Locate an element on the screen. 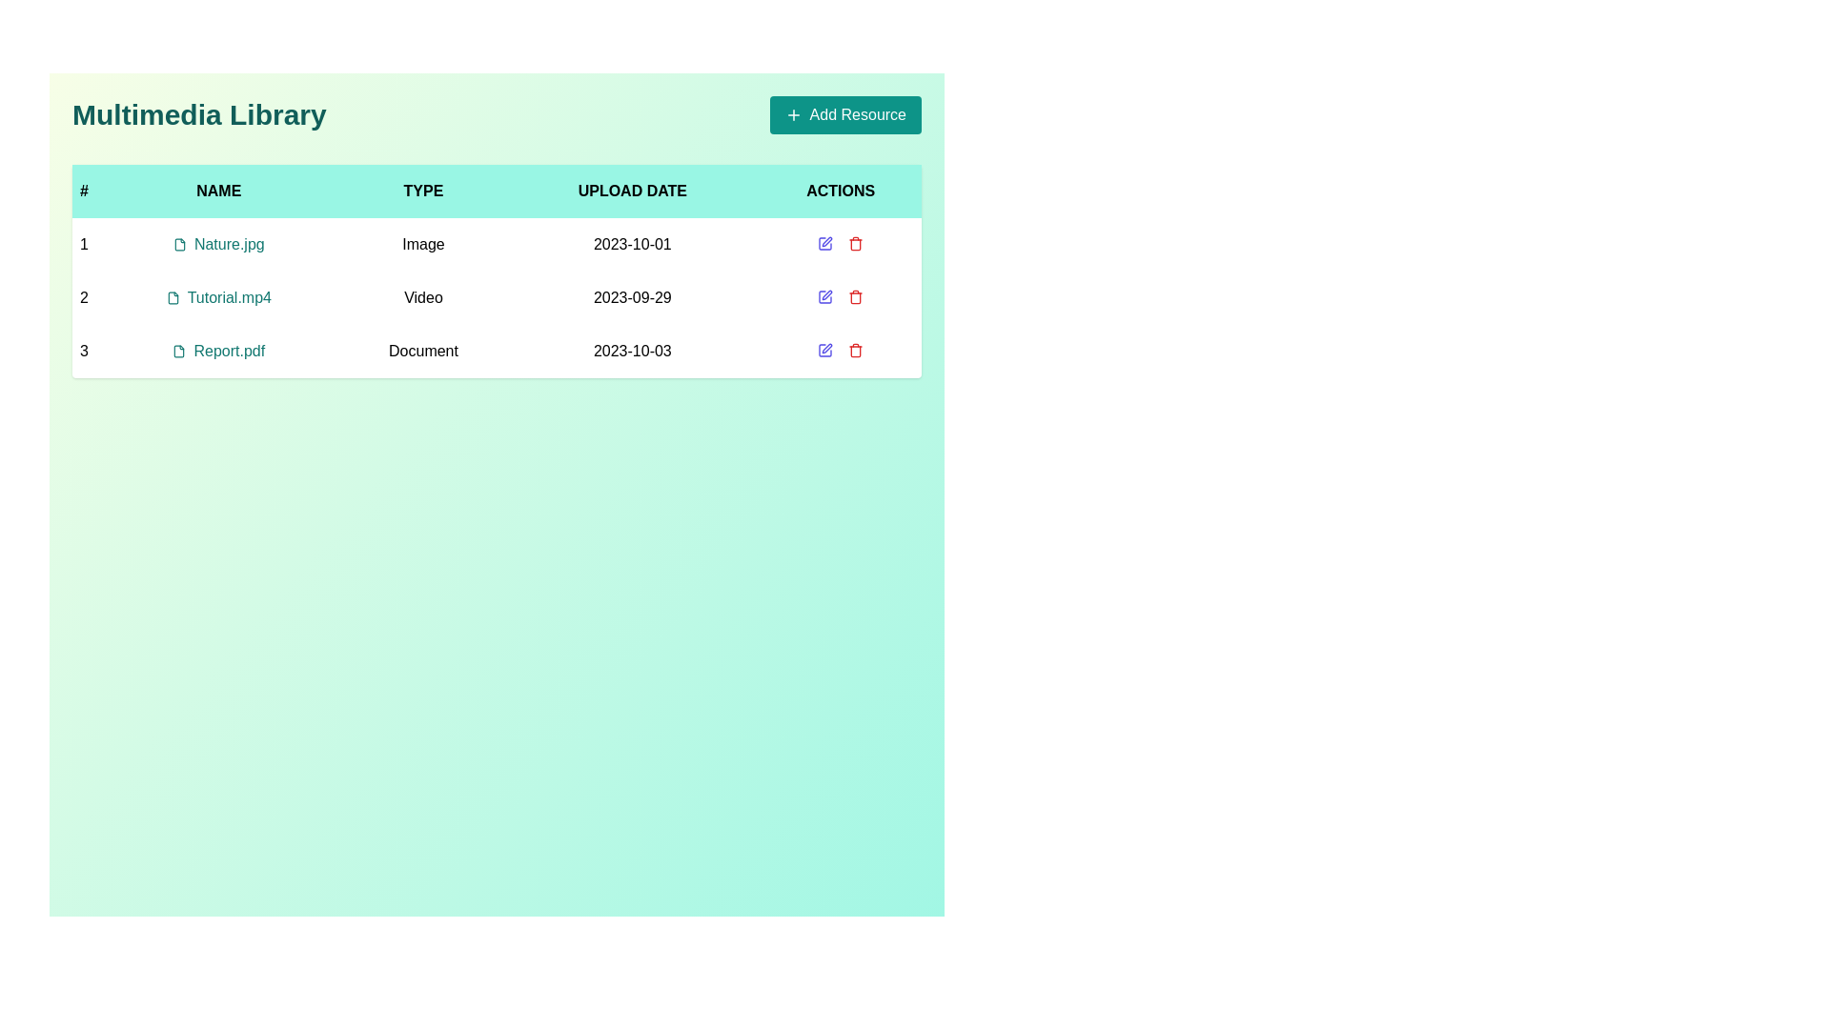 The height and width of the screenshot is (1029, 1830). the table header cell labeled 'Actions' which is styled with a bold font and positioned on a turquoise background in the last column of the header row is located at coordinates (840, 191).